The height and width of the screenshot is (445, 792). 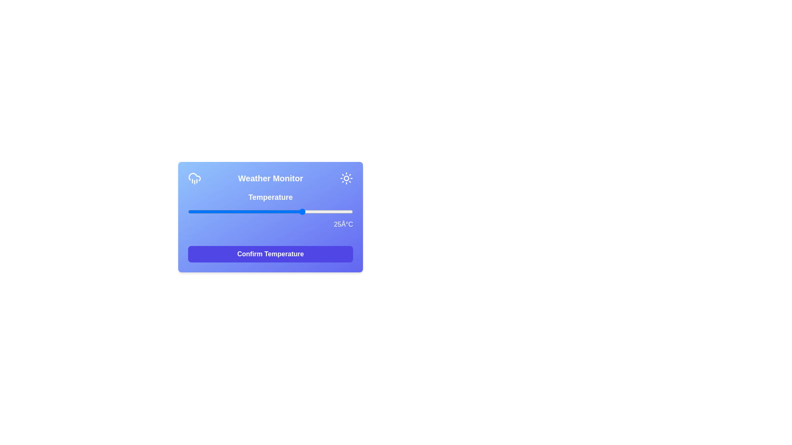 I want to click on 'Weather Monitor' header text displayed in bold font at the top-center of the blue card interface, so click(x=271, y=178).